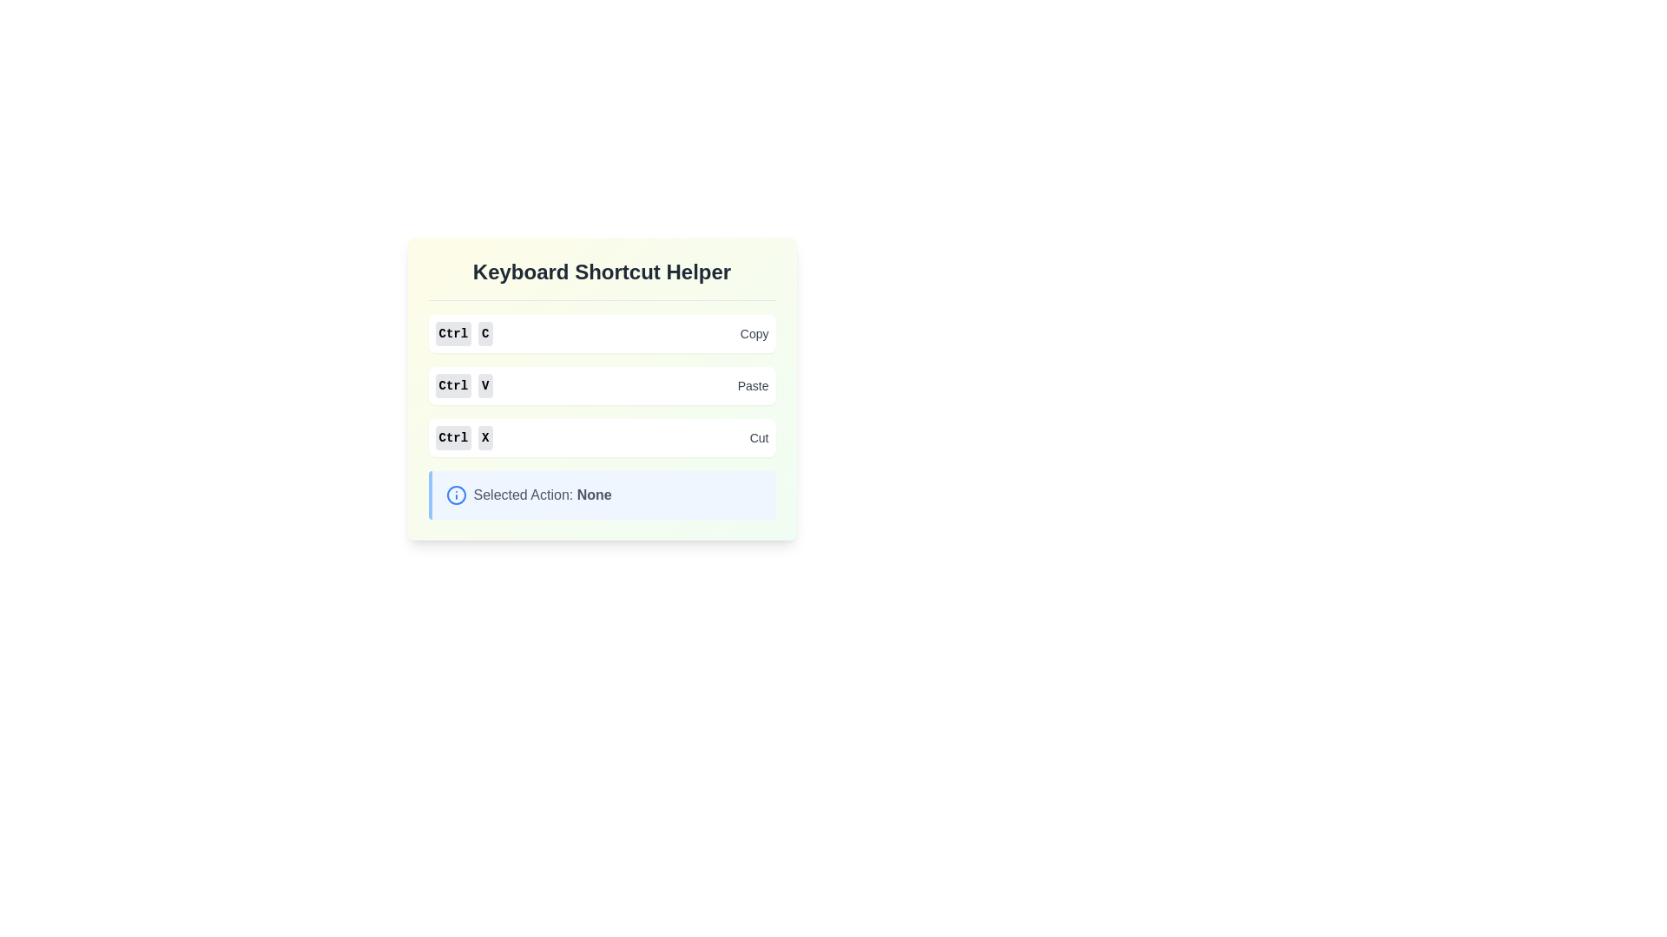  I want to click on the 'V' key badge in the 'Keyboard Shortcut Helper' layout, which visually represents the 'Paste' action associated with 'Ctrl V', so click(485, 384).